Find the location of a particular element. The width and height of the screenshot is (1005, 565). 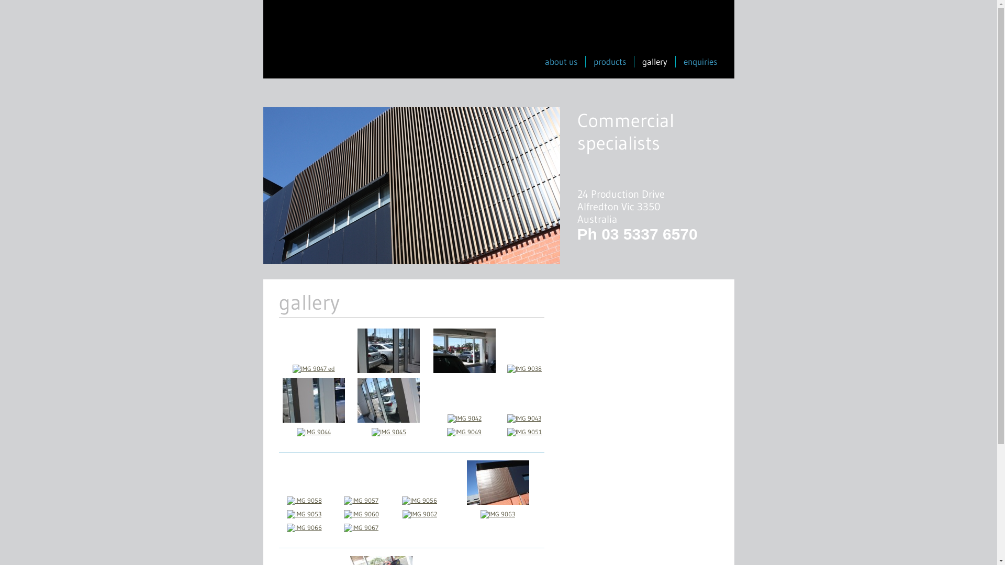

'IMG 9040 ed' is located at coordinates (388, 418).